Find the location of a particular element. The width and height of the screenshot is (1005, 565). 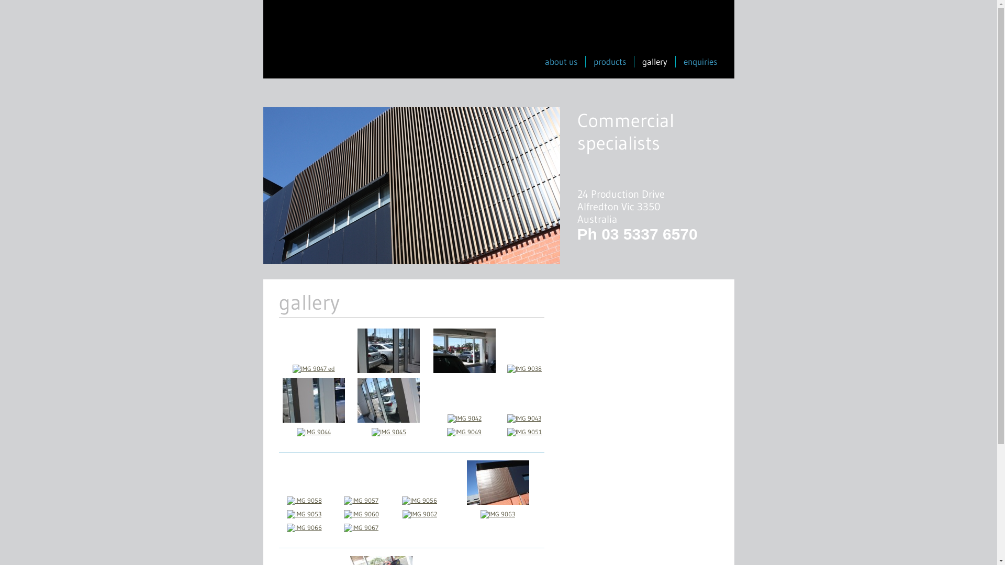

'IMG 9040 ed' is located at coordinates (388, 418).